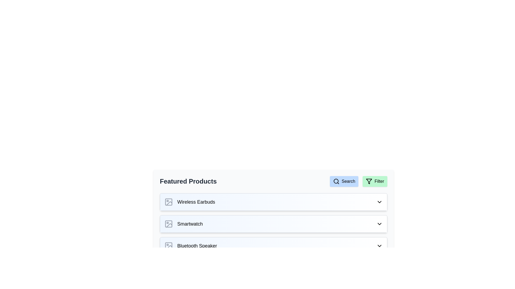 The width and height of the screenshot is (515, 289). I want to click on the 'Bluetooth Speaker' text element that has a bold, medium-sized font and an accompanying image placeholder icon to its left, so click(190, 246).